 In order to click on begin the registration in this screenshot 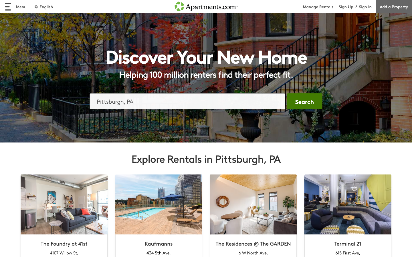, I will do `click(346, 6)`.